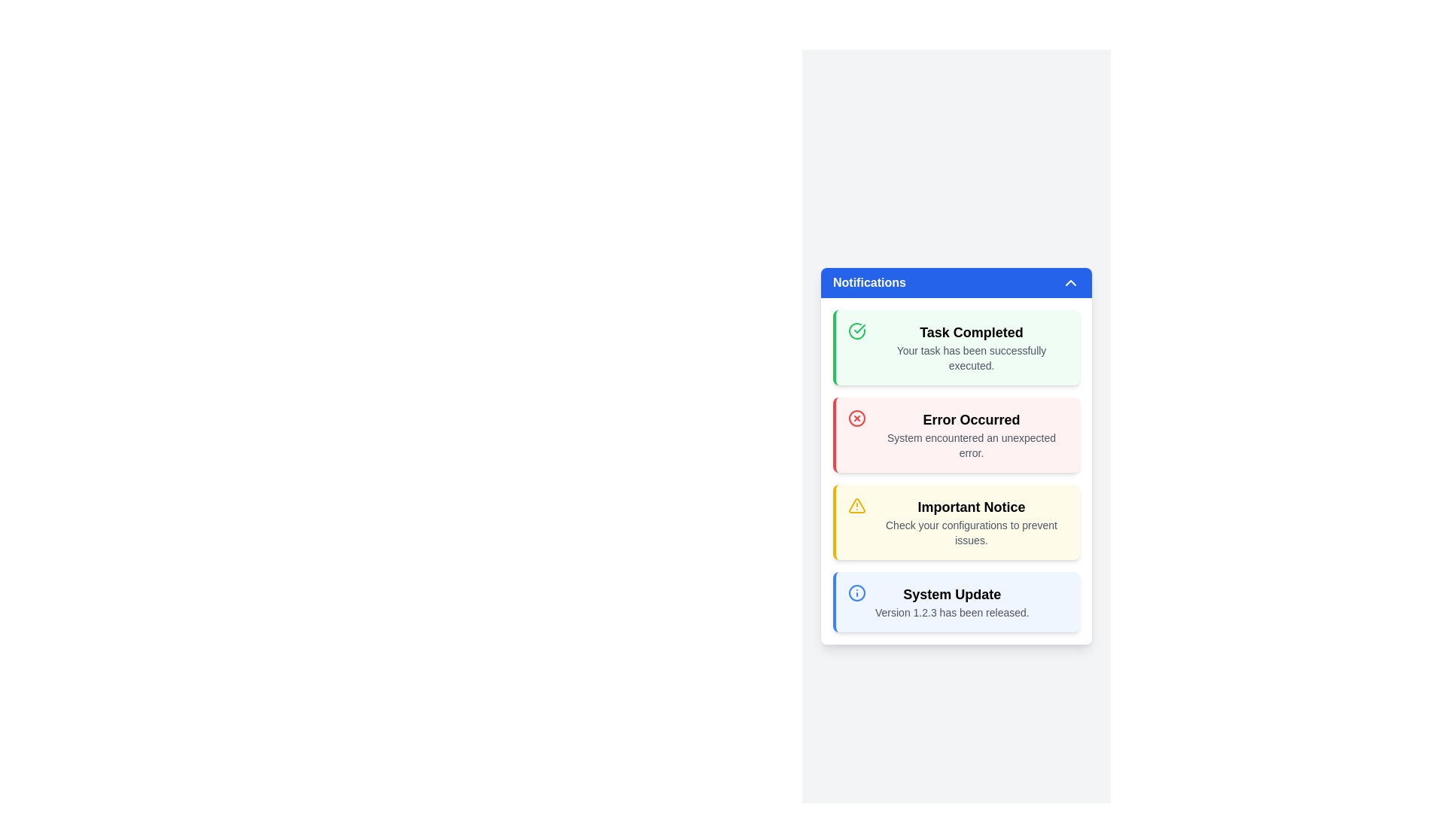  I want to click on the 'Notifications' label that is styled in bold white font within a blue rectangular area at the top of the section, so click(869, 282).